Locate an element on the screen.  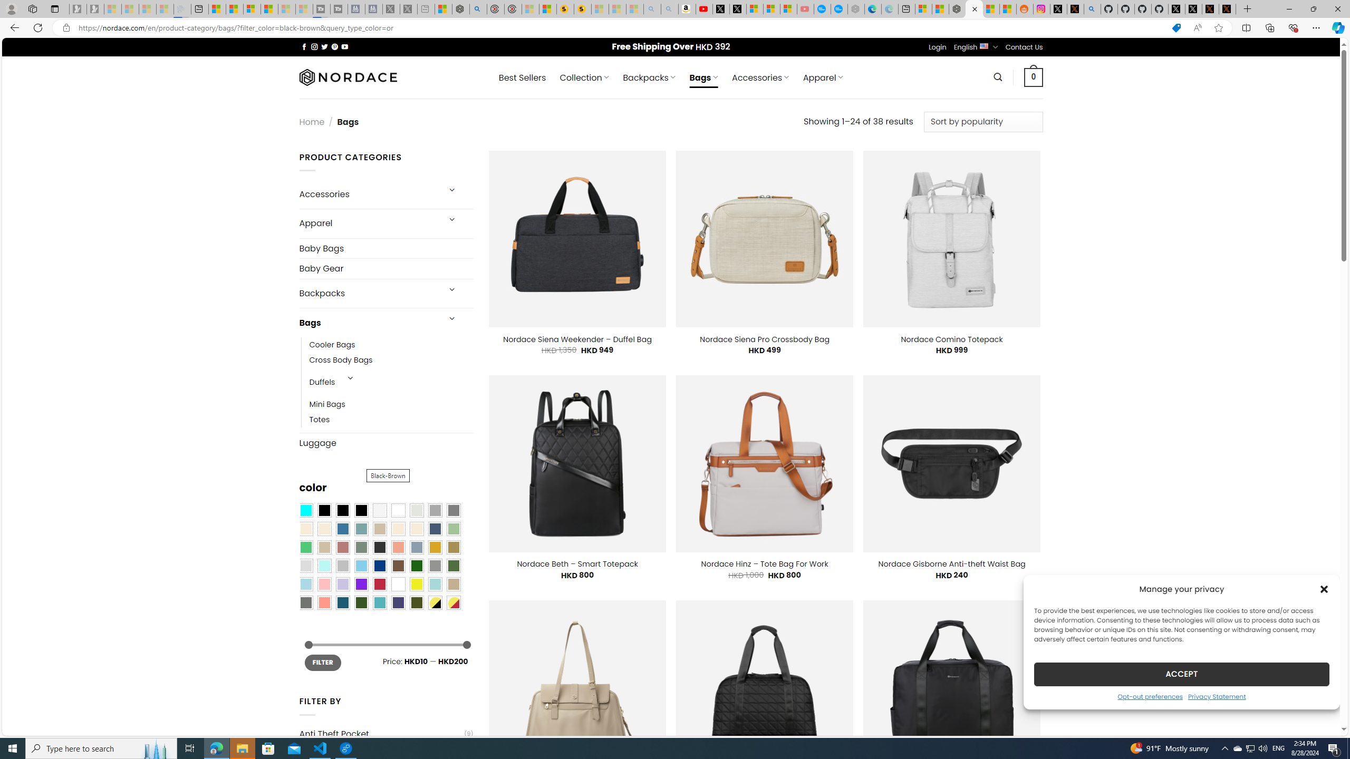
'Follow on Twitter' is located at coordinates (324, 46).